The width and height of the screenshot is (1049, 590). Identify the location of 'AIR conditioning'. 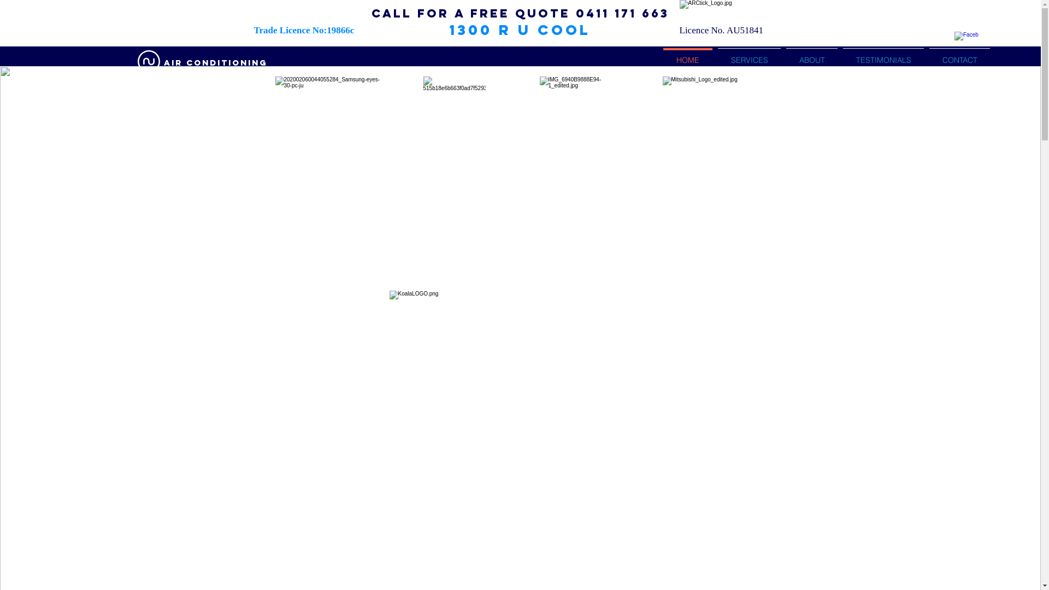
(163, 63).